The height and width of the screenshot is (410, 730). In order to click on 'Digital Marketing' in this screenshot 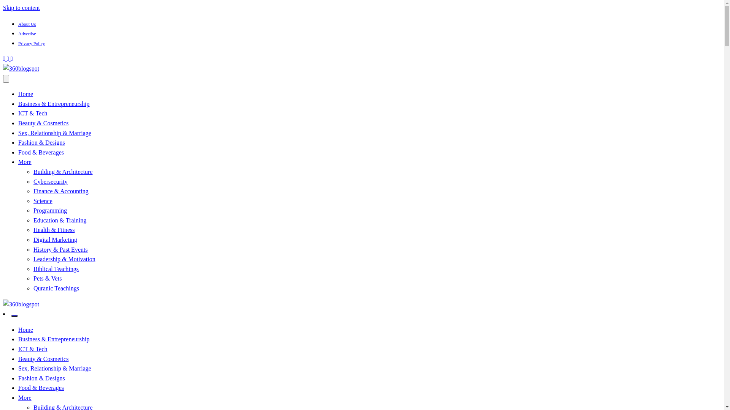, I will do `click(55, 240)`.